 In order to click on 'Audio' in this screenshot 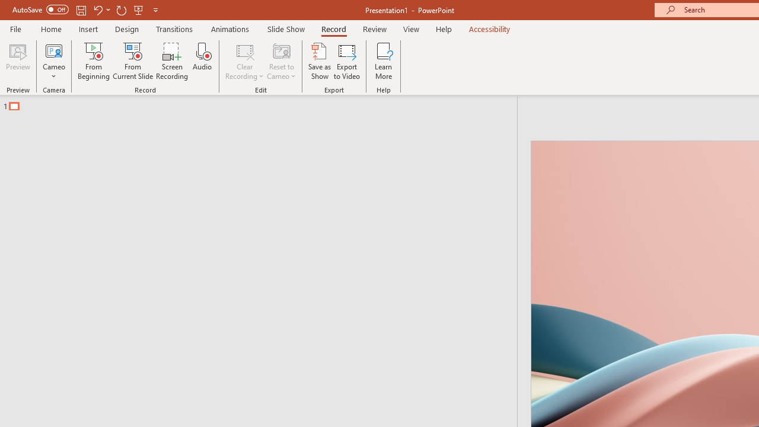, I will do `click(202, 61)`.